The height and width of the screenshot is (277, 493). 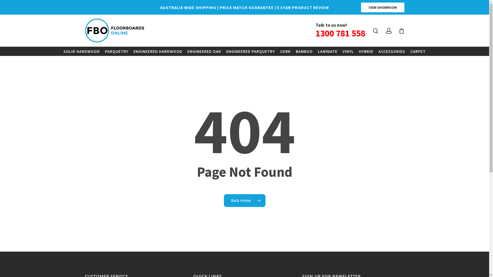 What do you see at coordinates (285, 51) in the screenshot?
I see `'CORK'` at bounding box center [285, 51].